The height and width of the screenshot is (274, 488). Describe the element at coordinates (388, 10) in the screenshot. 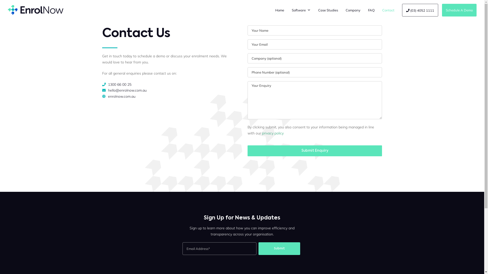

I see `'Contact'` at that location.